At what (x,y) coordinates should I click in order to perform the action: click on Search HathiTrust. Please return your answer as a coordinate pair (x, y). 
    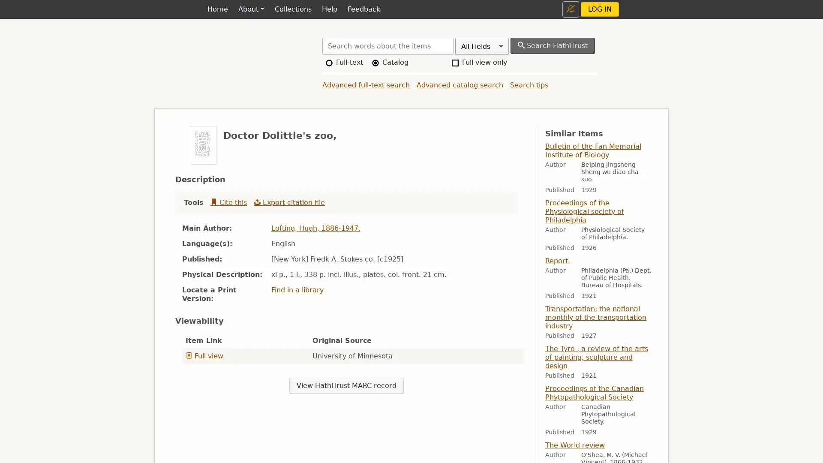
    Looking at the image, I should click on (553, 46).